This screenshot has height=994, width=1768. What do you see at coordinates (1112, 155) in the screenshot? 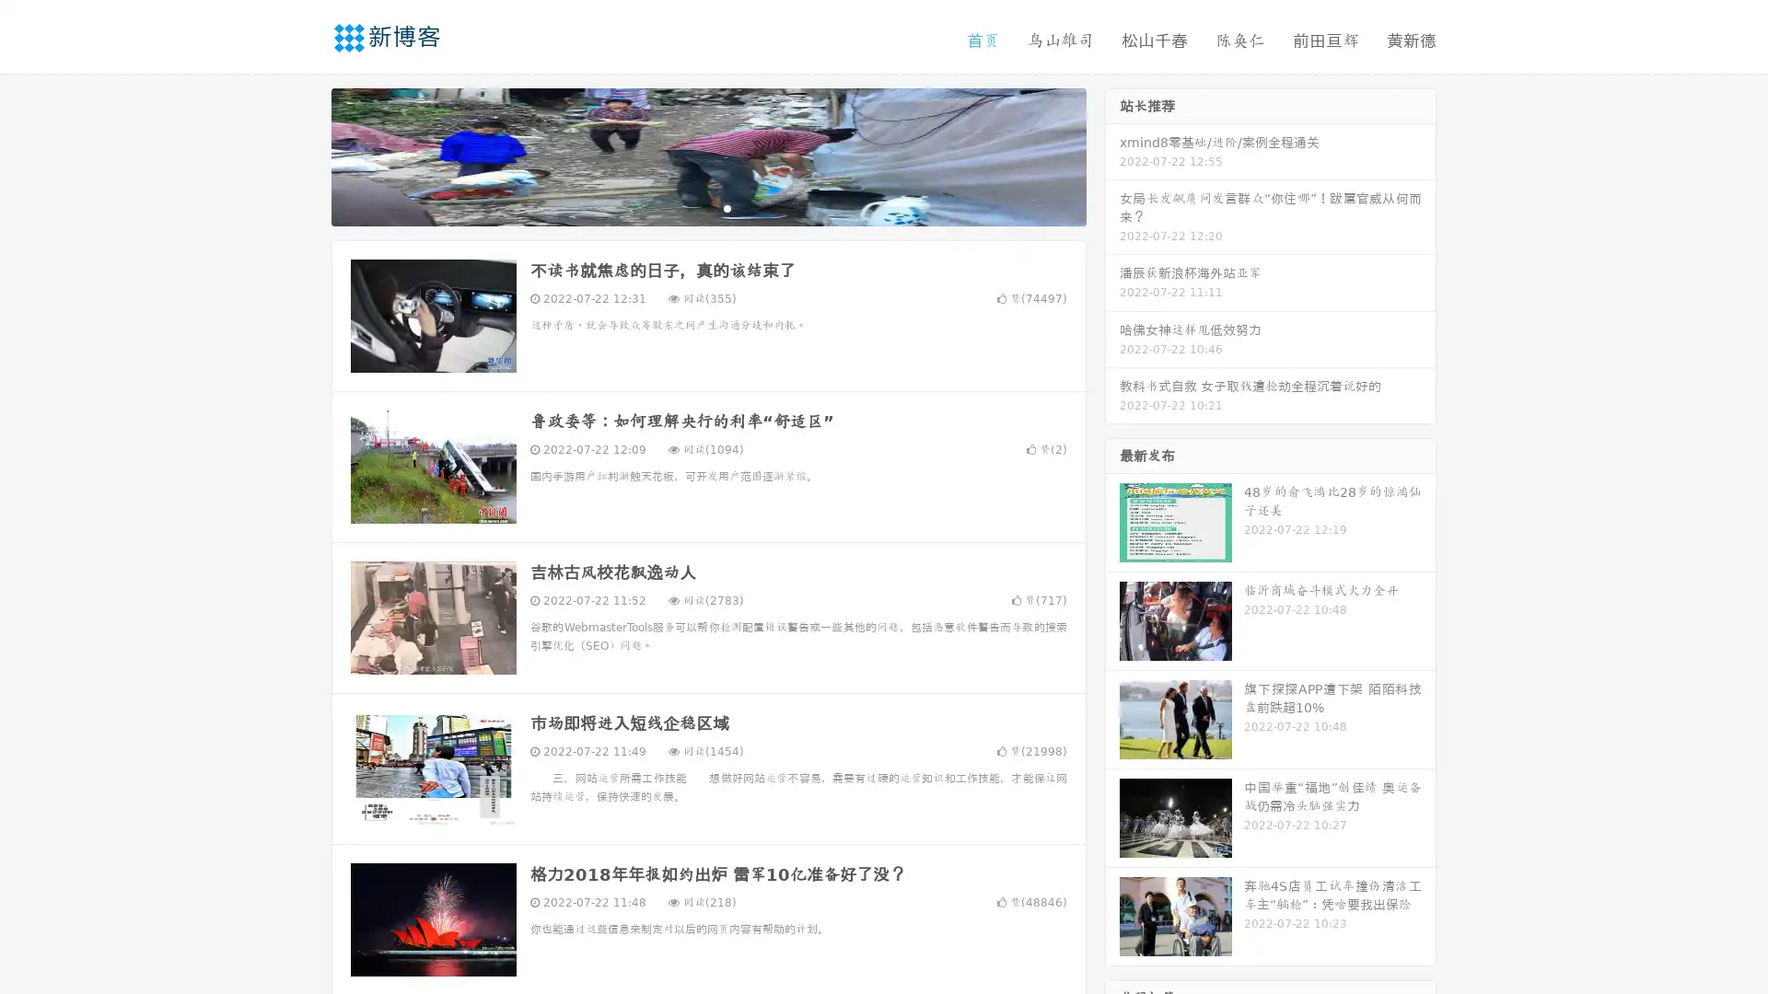
I see `Next slide` at bounding box center [1112, 155].